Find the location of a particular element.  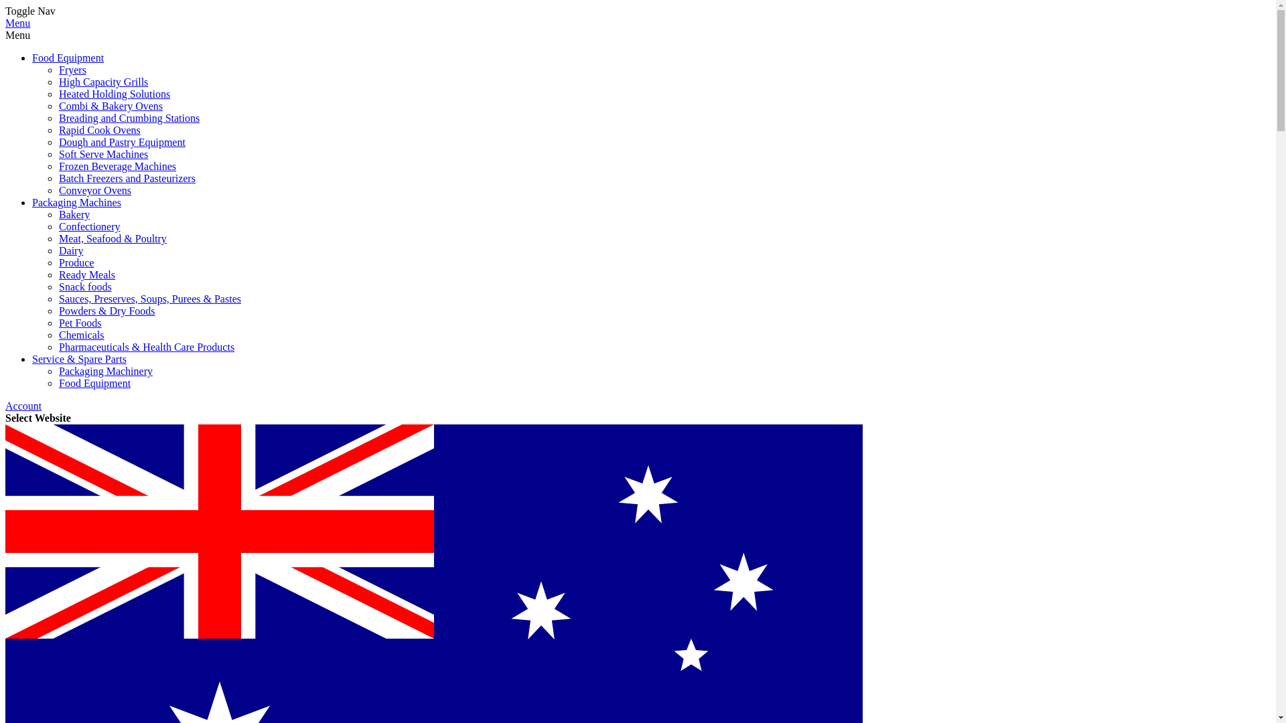

'Packaging Machinery' is located at coordinates (105, 371).